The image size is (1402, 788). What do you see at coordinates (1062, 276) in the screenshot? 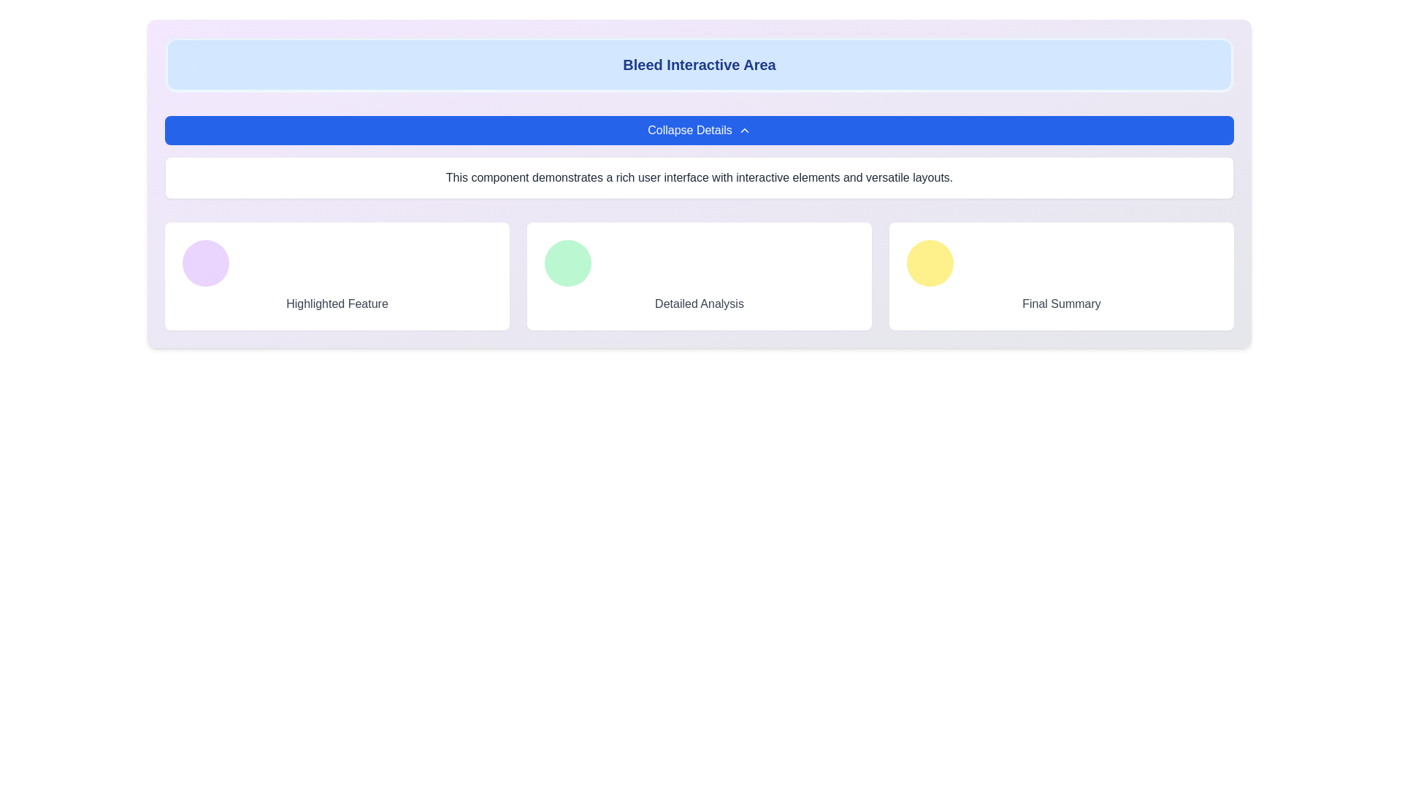
I see `the summary card located in the bottom-right section of the three-column layout, which is the third column and sibling to 'Highlighted Feature' and 'Detailed Analysis'` at bounding box center [1062, 276].